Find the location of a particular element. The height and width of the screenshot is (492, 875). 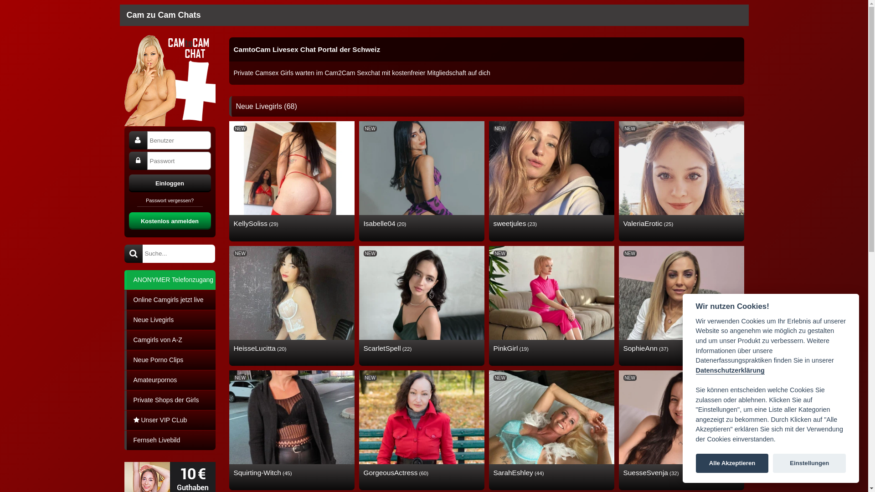

'Kostenlos anmelden' is located at coordinates (128, 220).